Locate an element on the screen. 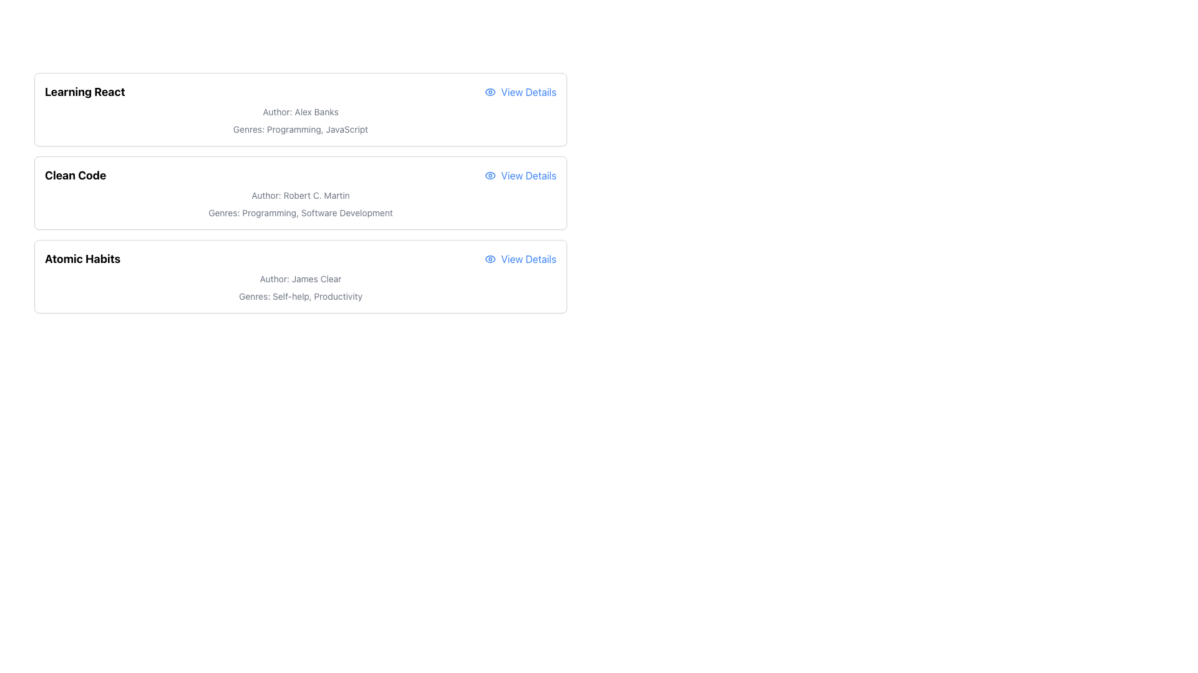  the icon that supports the 'View Details' text for the item associated with the book 'Clean Code', located at the beginning of the link is located at coordinates (490, 175).